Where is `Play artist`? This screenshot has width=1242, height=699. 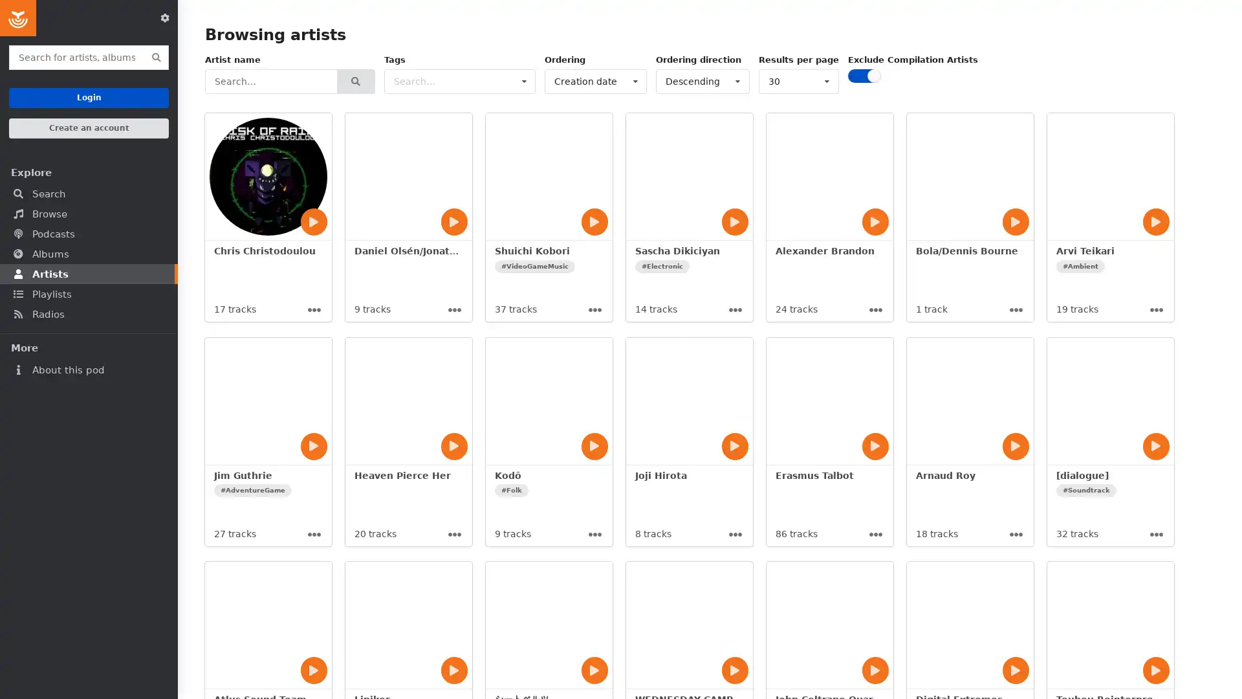 Play artist is located at coordinates (1155, 445).